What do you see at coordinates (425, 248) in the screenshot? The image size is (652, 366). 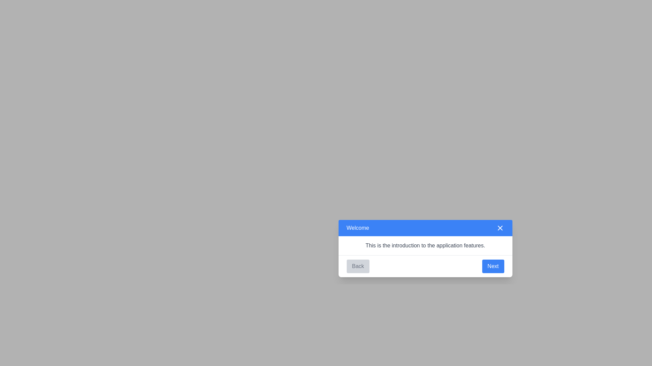 I see `content displayed within the modal dialog that has a blue header saying 'Welcome' and a body text describing application features` at bounding box center [425, 248].